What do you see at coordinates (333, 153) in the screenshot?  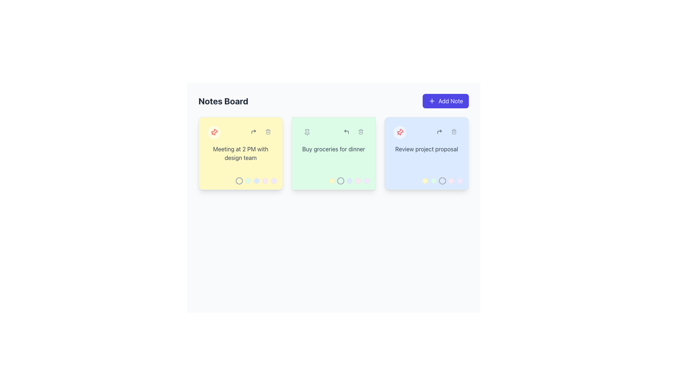 I see `the pin icon on the second Card UI component in the Notes Board section to pin the card` at bounding box center [333, 153].